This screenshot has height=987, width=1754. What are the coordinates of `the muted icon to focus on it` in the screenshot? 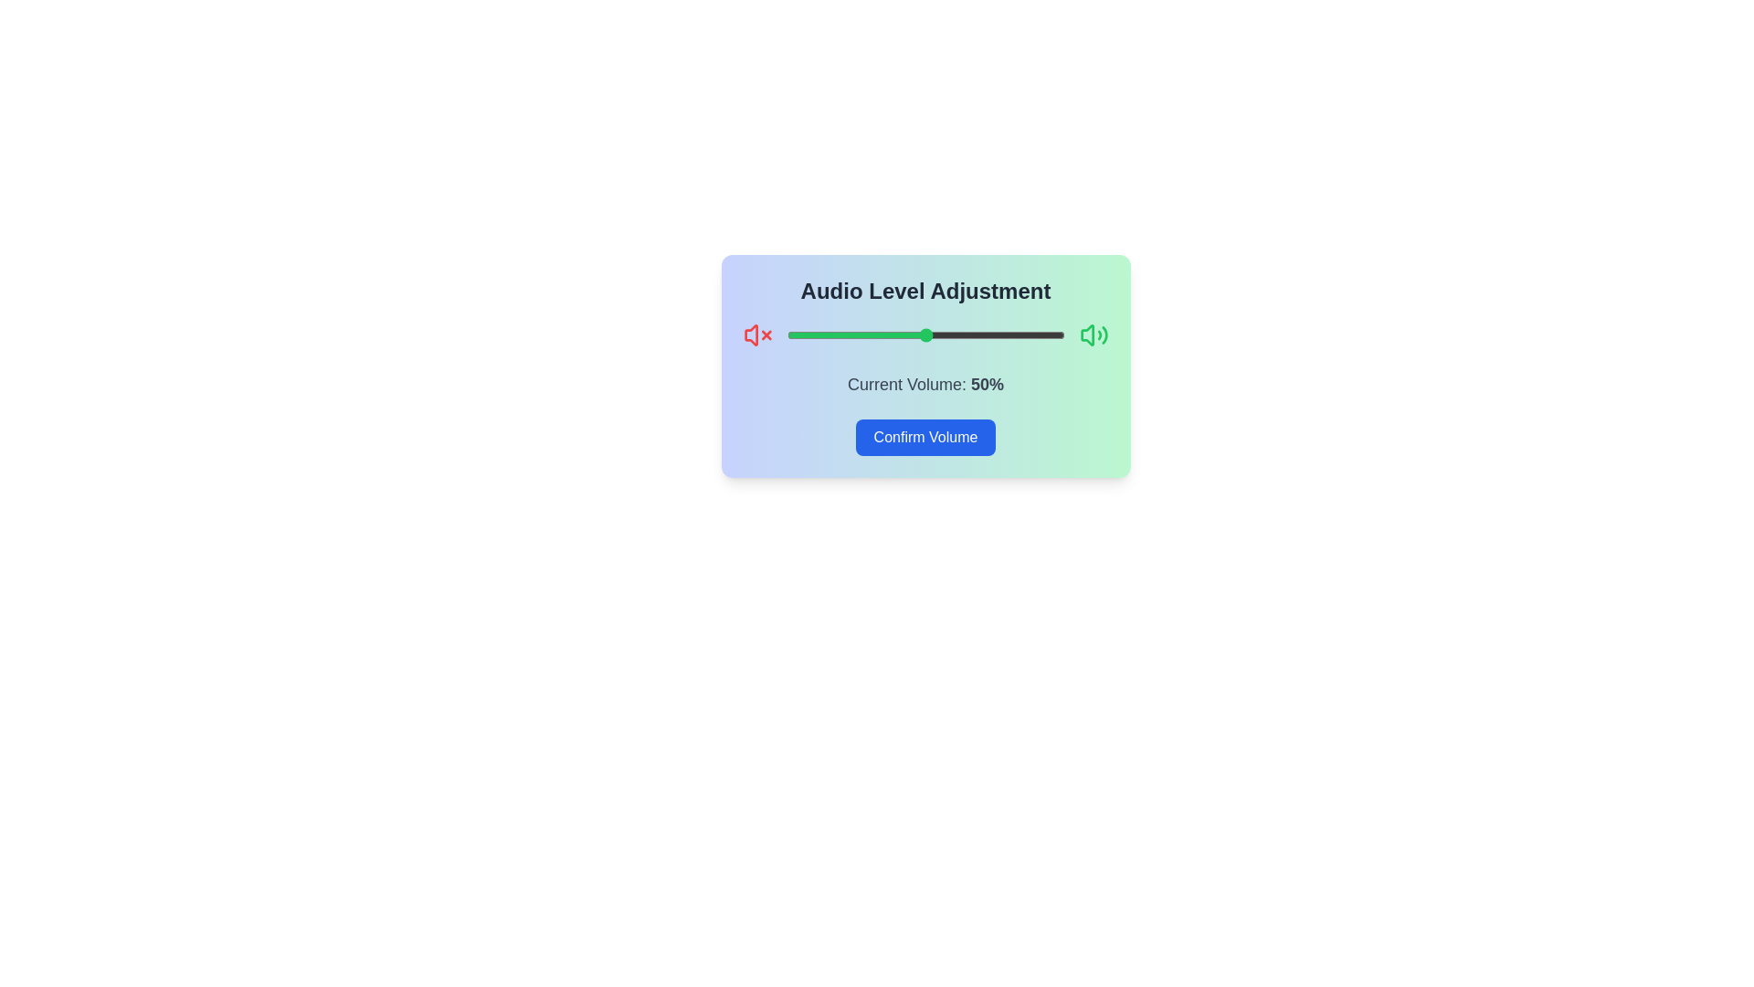 It's located at (757, 334).